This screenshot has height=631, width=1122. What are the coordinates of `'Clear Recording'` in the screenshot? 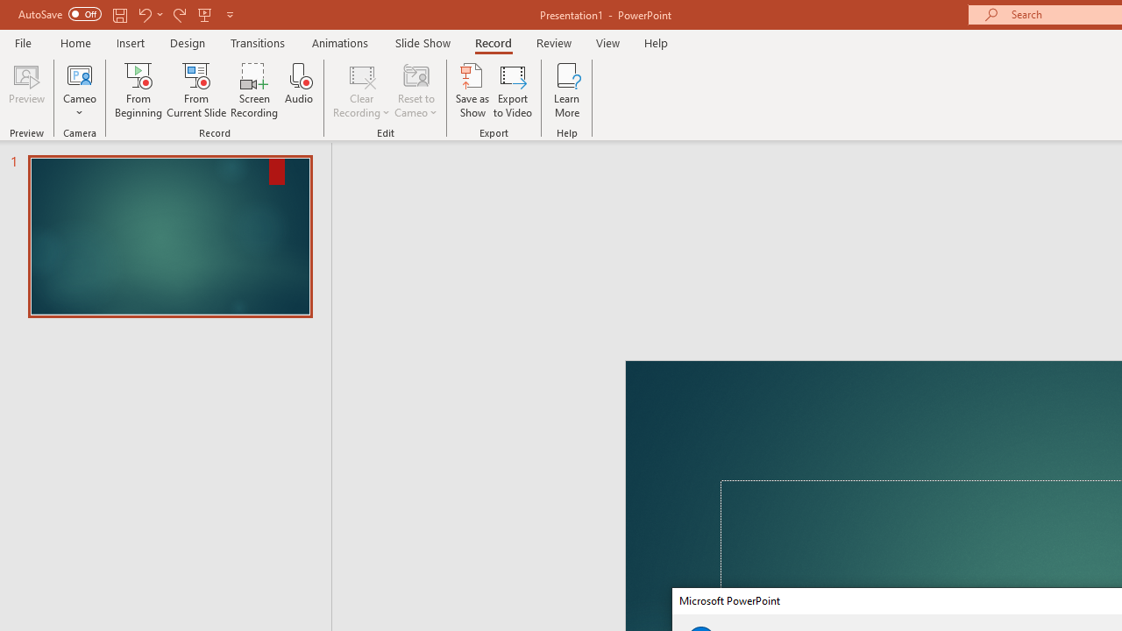 It's located at (360, 90).